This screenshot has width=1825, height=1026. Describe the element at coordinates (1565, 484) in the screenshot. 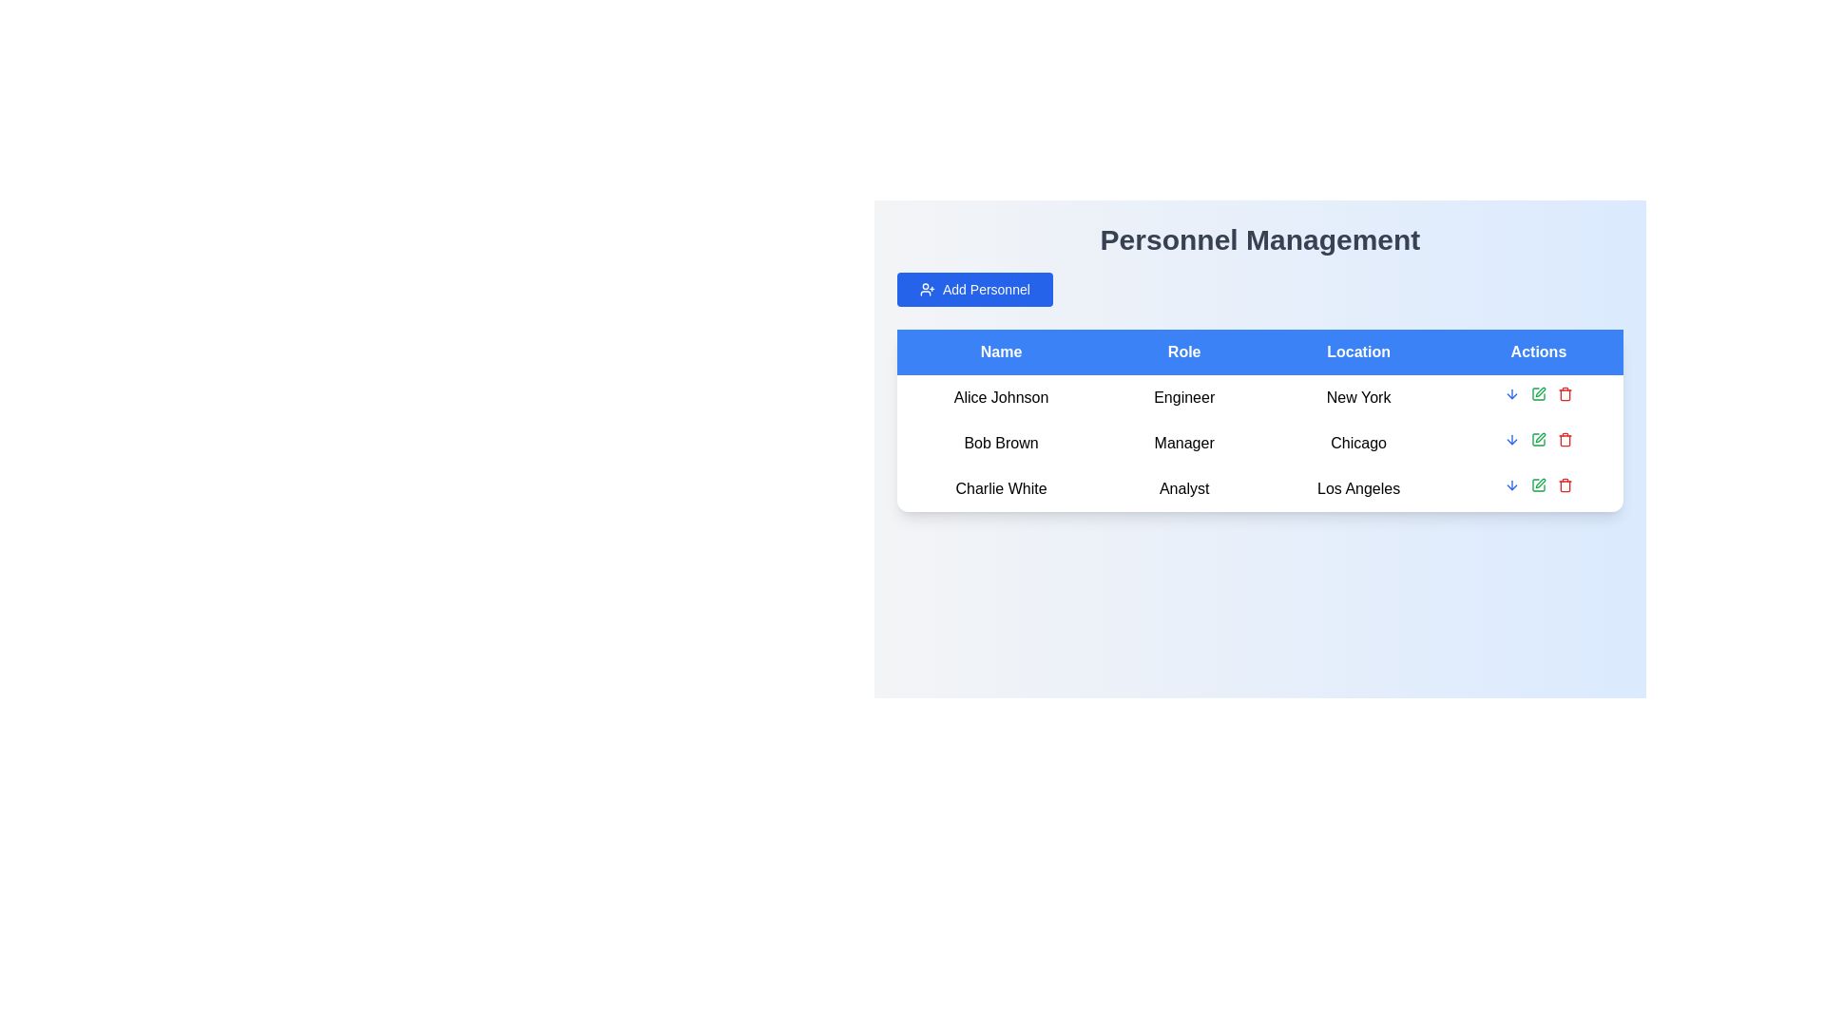

I see `the delete button` at that location.